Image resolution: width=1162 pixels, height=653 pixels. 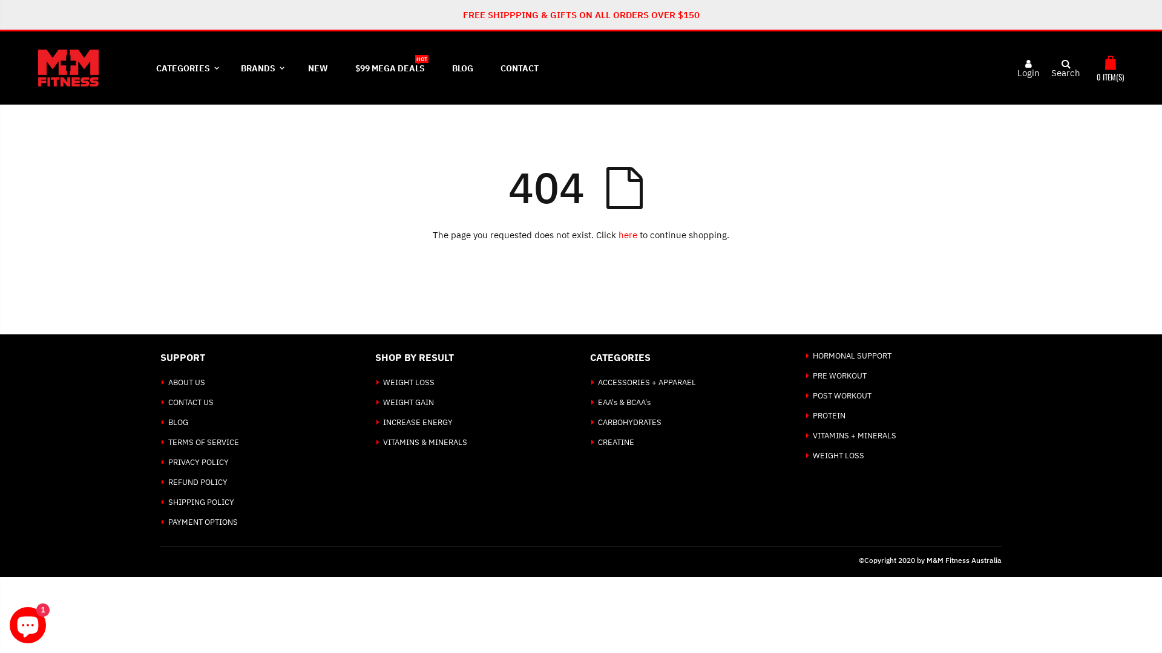 I want to click on 'PAYMENT OPTIONS', so click(x=203, y=521).